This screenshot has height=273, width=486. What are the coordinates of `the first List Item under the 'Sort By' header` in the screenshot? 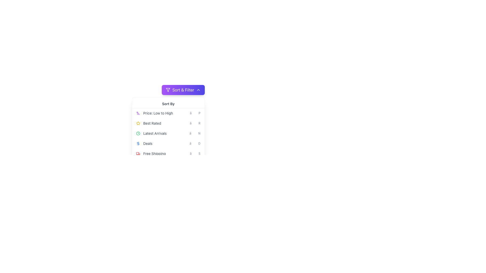 It's located at (168, 113).